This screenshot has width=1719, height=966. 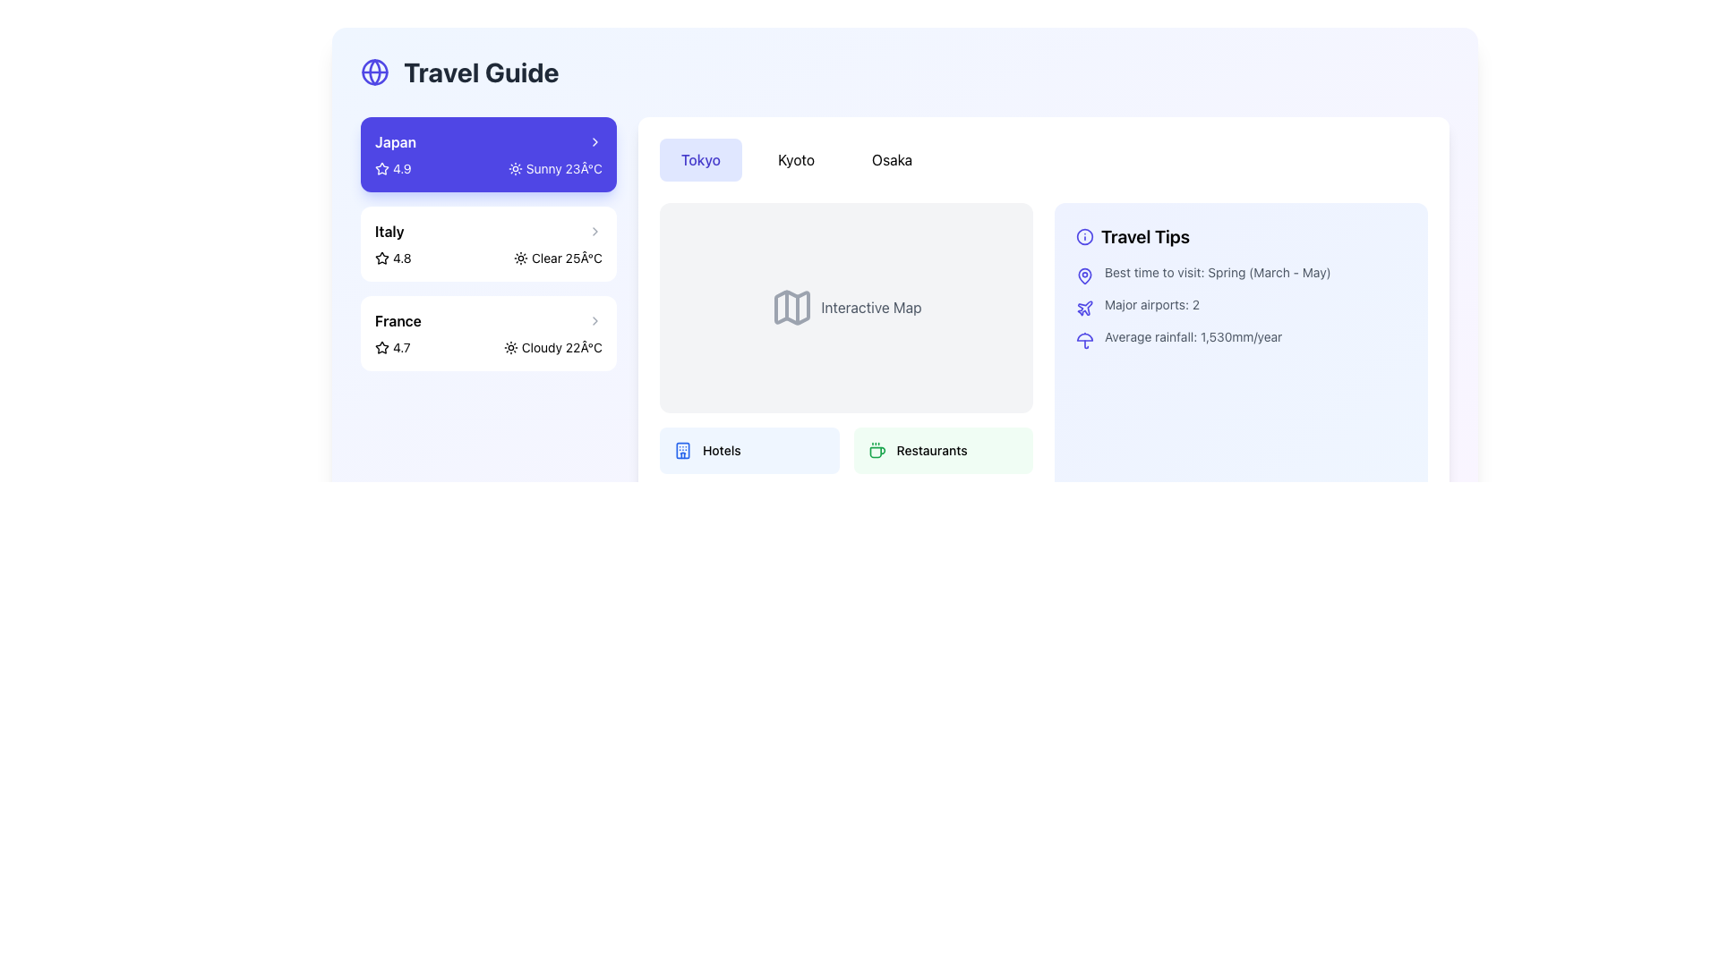 I want to click on and interpret the rating value '4.8' from the Text with Icon associated with 'Italy', located in the second row of the travel list on the left panel, so click(x=392, y=258).